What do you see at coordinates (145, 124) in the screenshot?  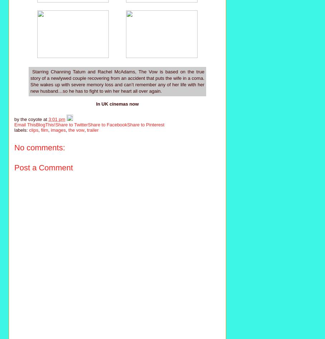 I see `'Share to Pinterest'` at bounding box center [145, 124].